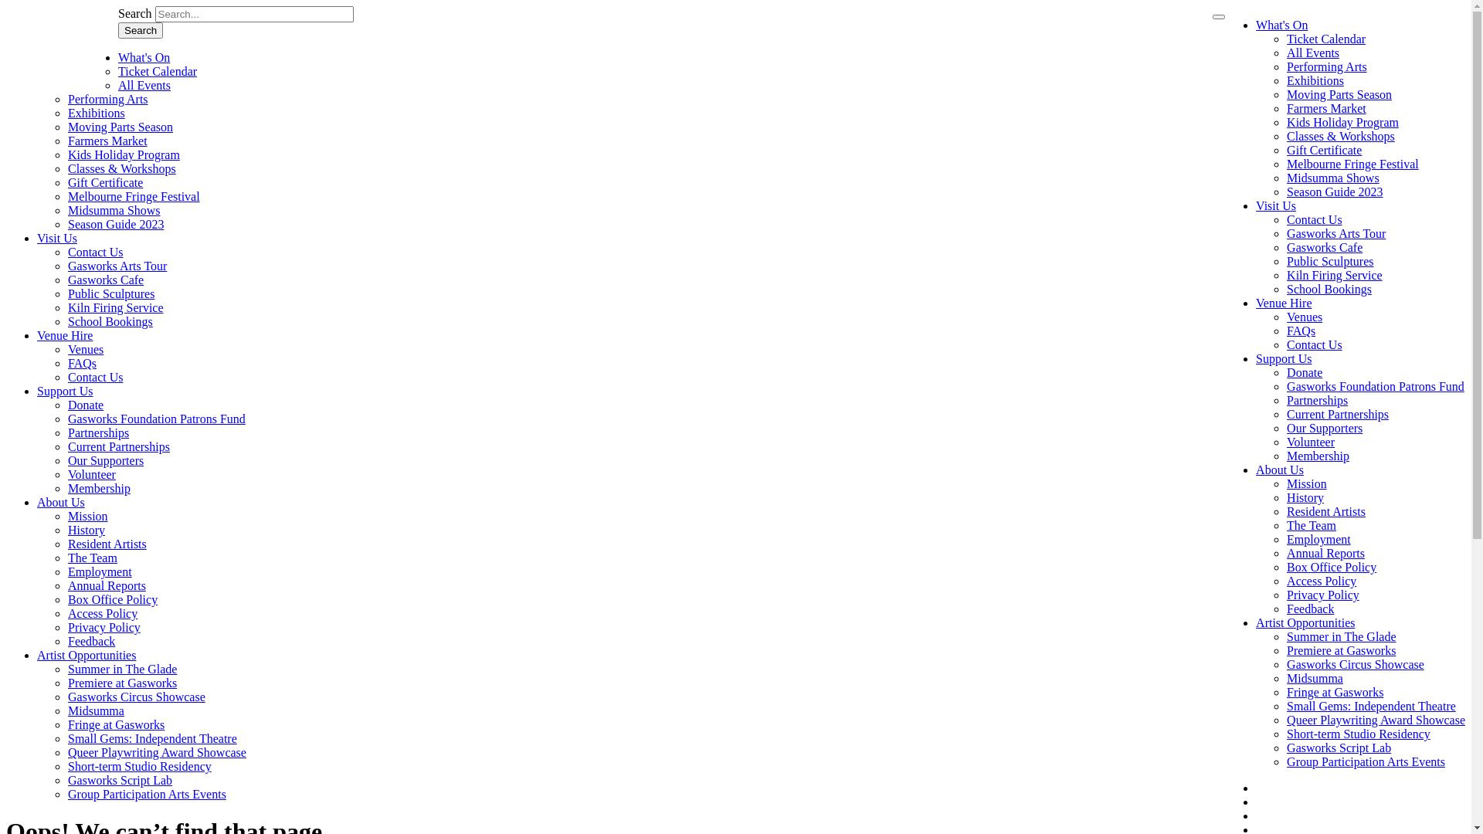 This screenshot has height=834, width=1483. I want to click on 'Feedback', so click(1309, 608).